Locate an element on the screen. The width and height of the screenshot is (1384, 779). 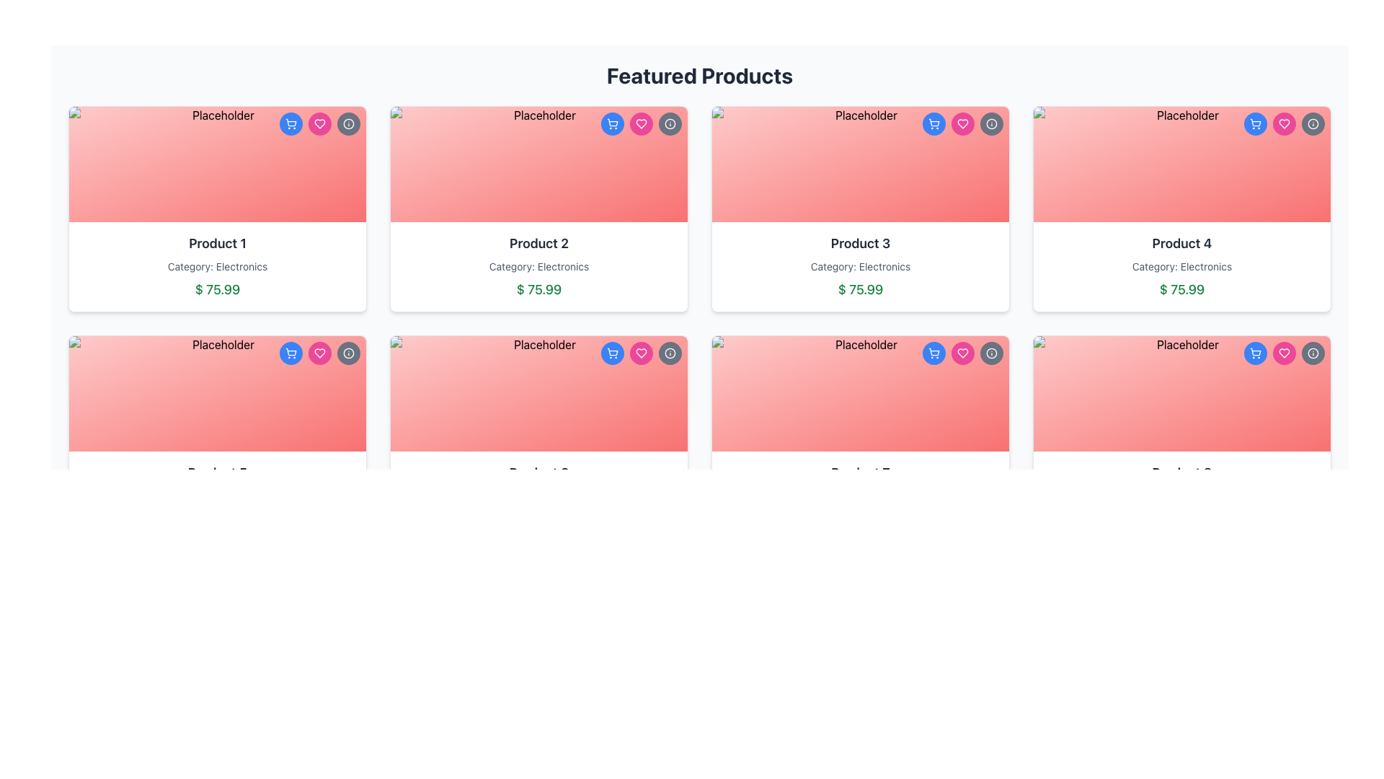
the heart icon button, which is a small heart icon within a circular button, located to the right of a shopping cart icon and to the left of a settings icon is located at coordinates (319, 123).